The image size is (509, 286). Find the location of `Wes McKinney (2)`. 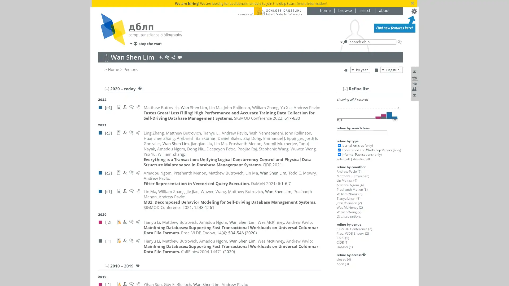

Wes McKinney (2) is located at coordinates (350, 207).